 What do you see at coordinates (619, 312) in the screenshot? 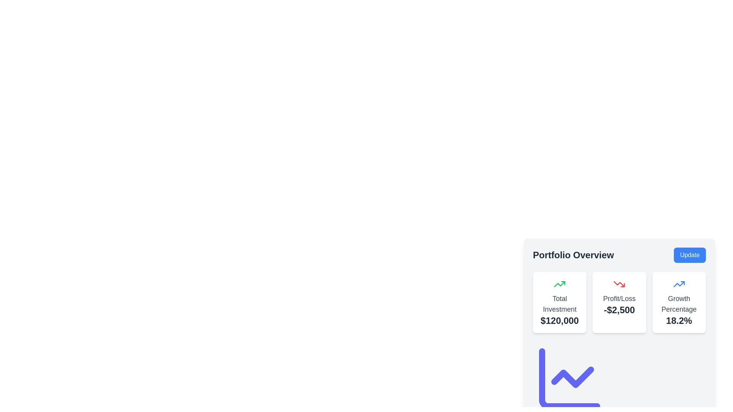
I see `displayed information from the Informational Widget titled 'Portfolio Overview', which contains an 'Update' button and investment metrics` at bounding box center [619, 312].